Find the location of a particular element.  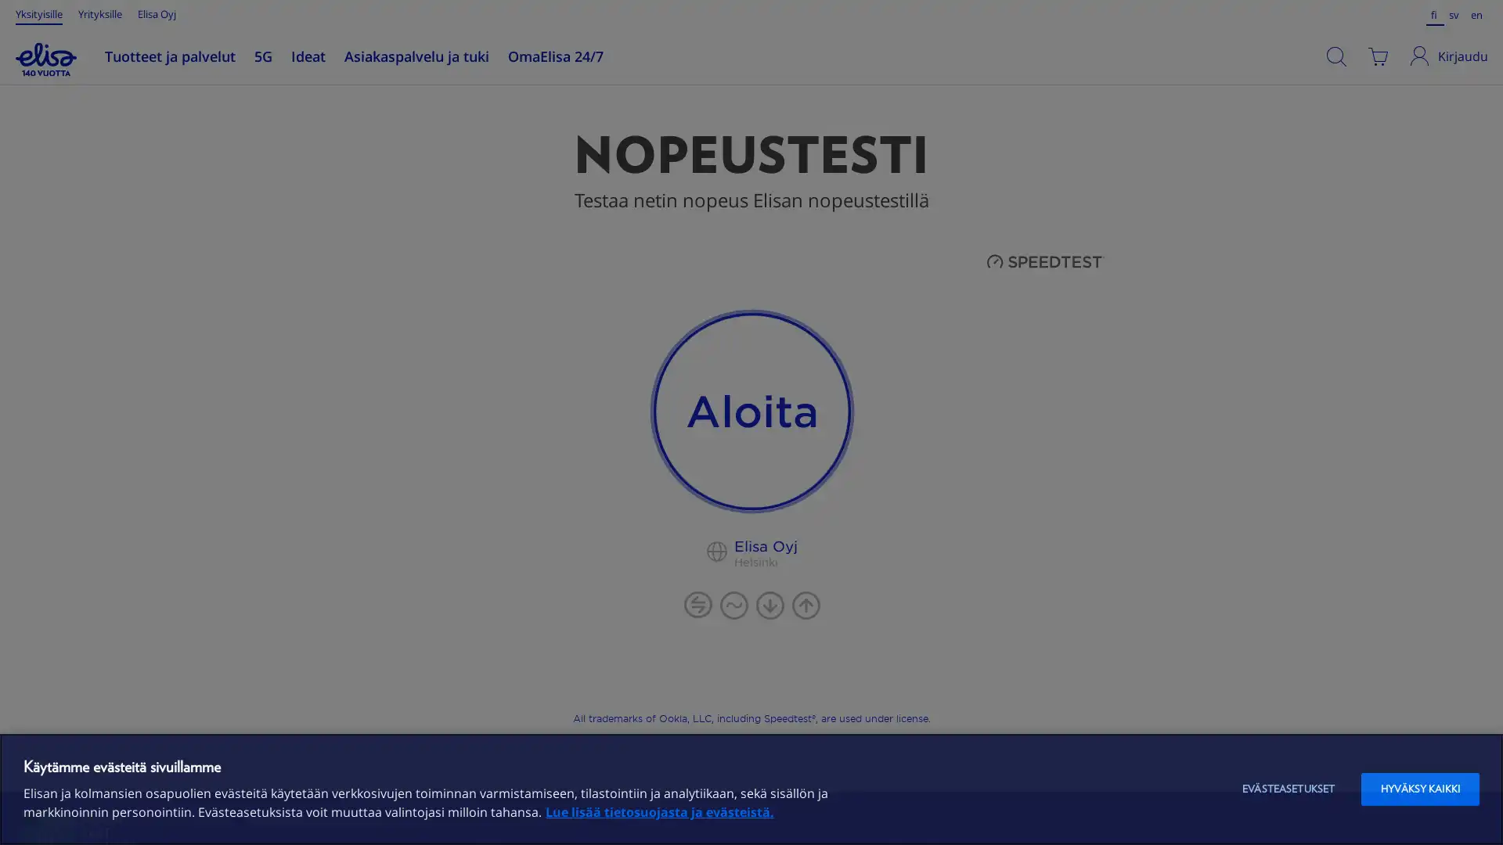

HYVAKSY KAIKKI is located at coordinates (1420, 789).